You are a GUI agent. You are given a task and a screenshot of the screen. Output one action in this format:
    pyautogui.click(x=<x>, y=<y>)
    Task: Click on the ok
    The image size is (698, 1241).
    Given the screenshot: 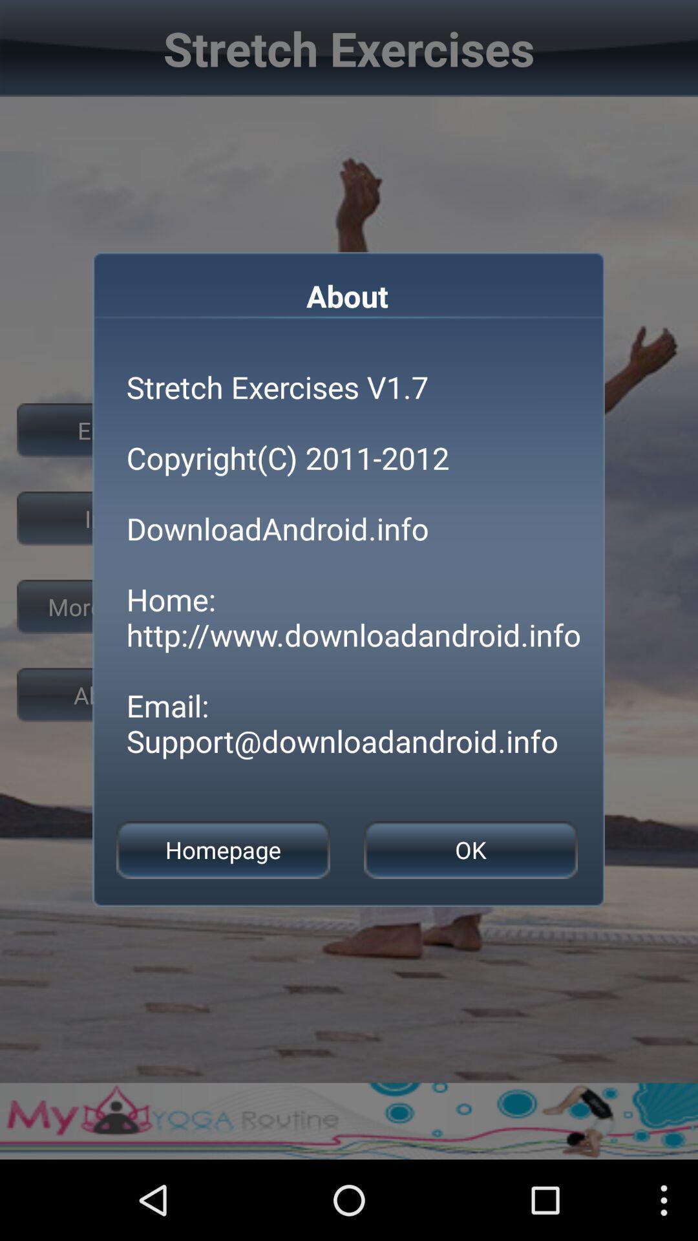 What is the action you would take?
    pyautogui.click(x=471, y=850)
    